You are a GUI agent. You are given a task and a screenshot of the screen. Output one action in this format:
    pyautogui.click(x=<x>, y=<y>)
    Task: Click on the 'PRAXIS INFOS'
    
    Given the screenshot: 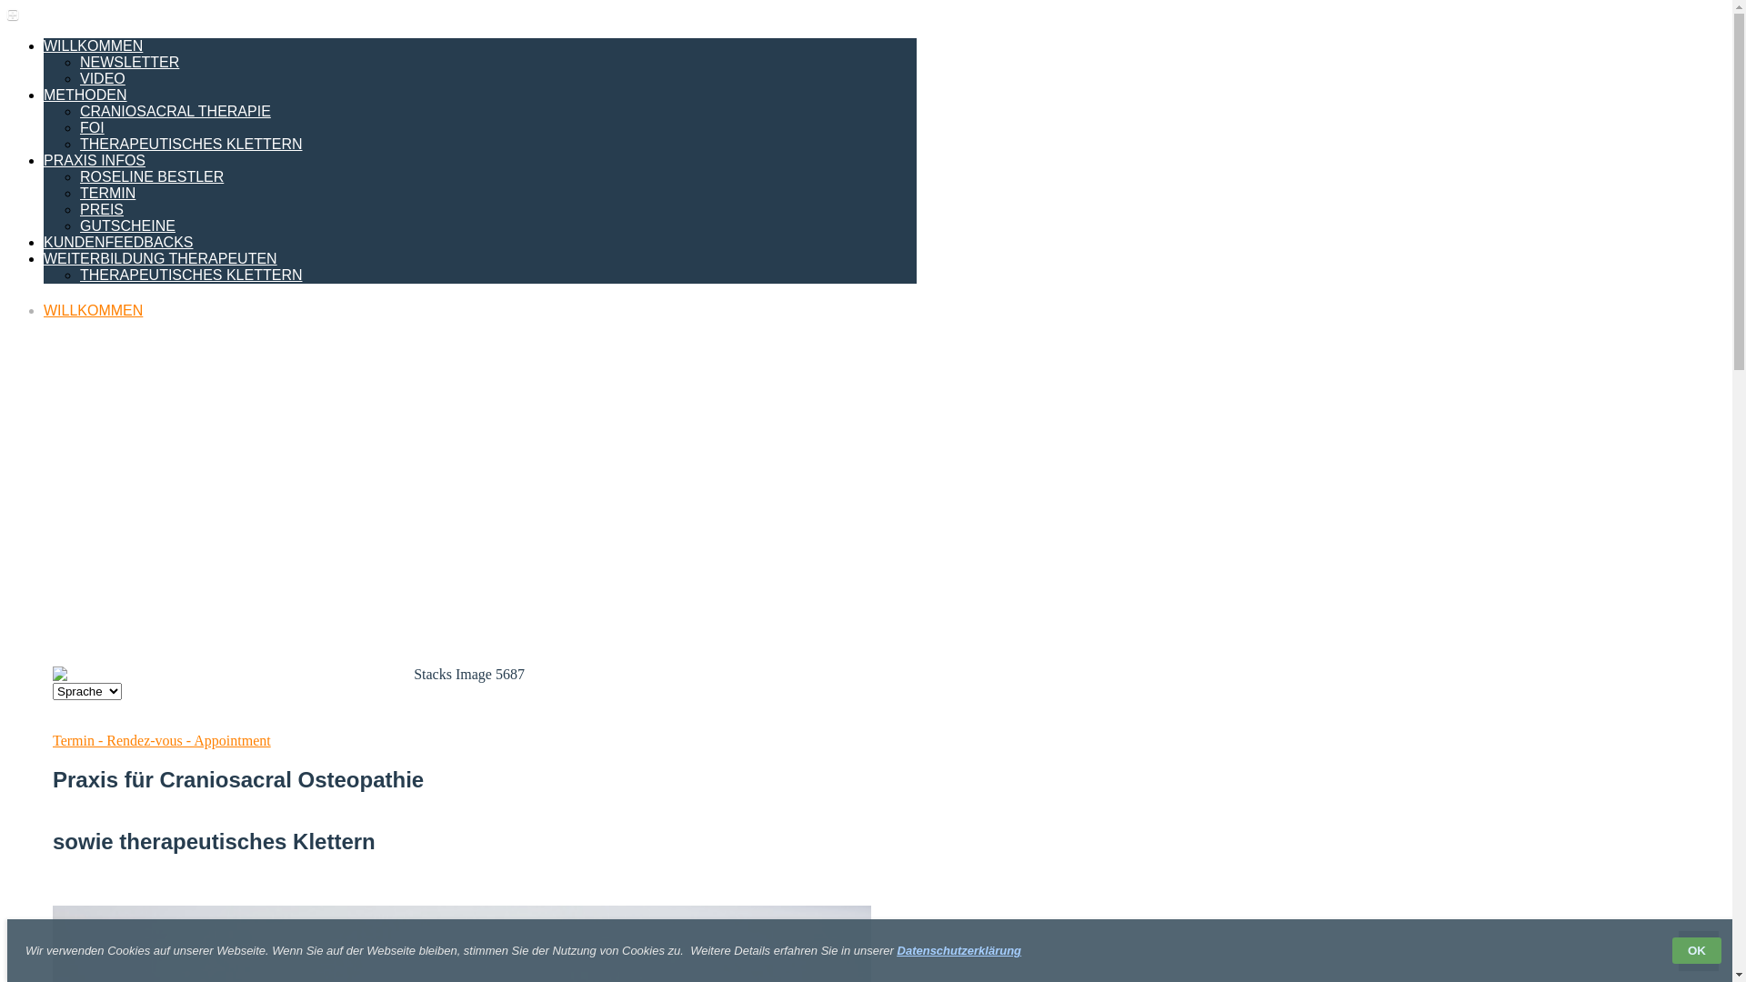 What is the action you would take?
    pyautogui.click(x=94, y=159)
    